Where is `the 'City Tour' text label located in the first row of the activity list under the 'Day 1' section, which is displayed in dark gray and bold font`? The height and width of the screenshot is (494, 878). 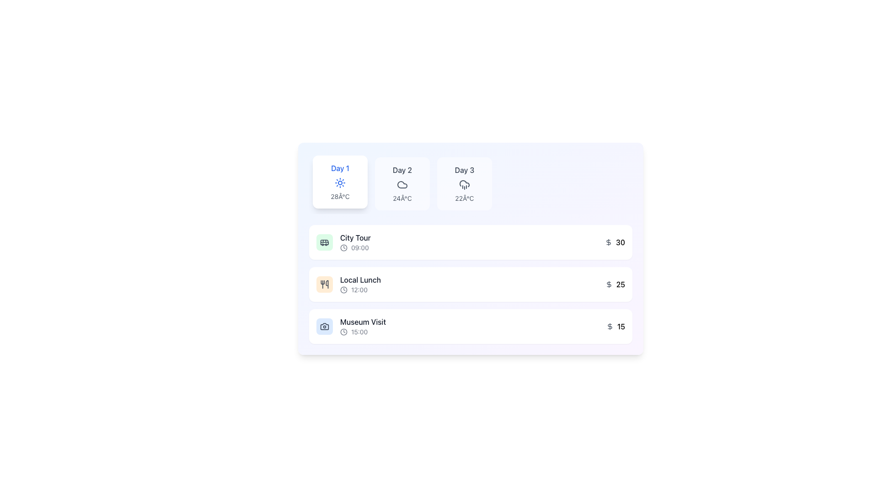 the 'City Tour' text label located in the first row of the activity list under the 'Day 1' section, which is displayed in dark gray and bold font is located at coordinates (355, 237).